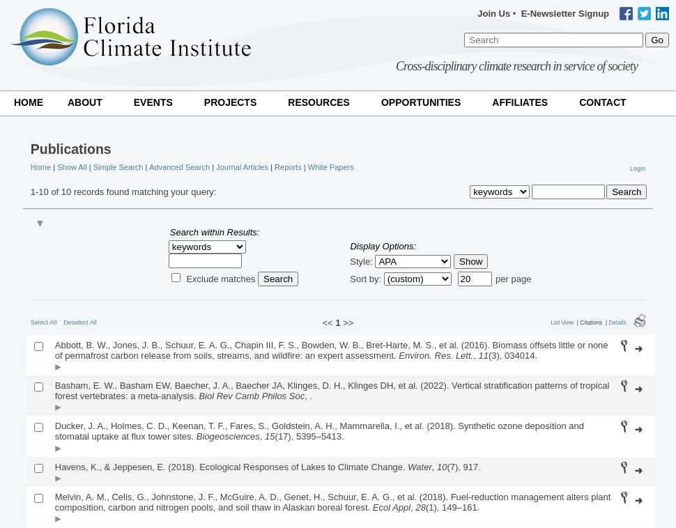  I want to click on 'E-Newsletter Signup', so click(564, 13).